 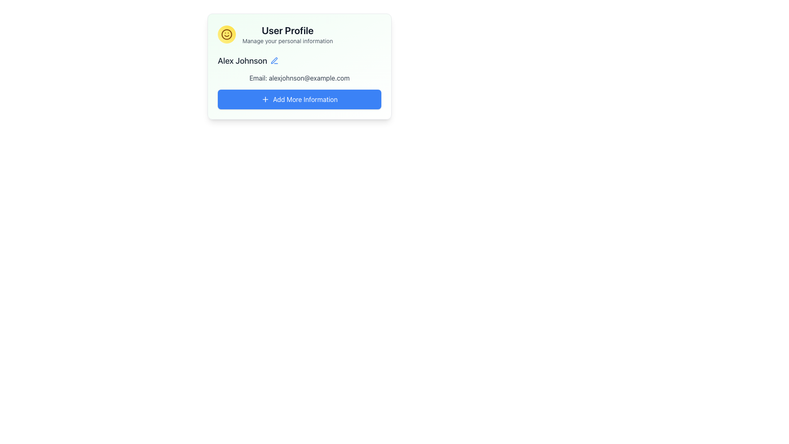 I want to click on the title text at the top of the user profile section, which serves as a label for the user information, so click(x=288, y=30).